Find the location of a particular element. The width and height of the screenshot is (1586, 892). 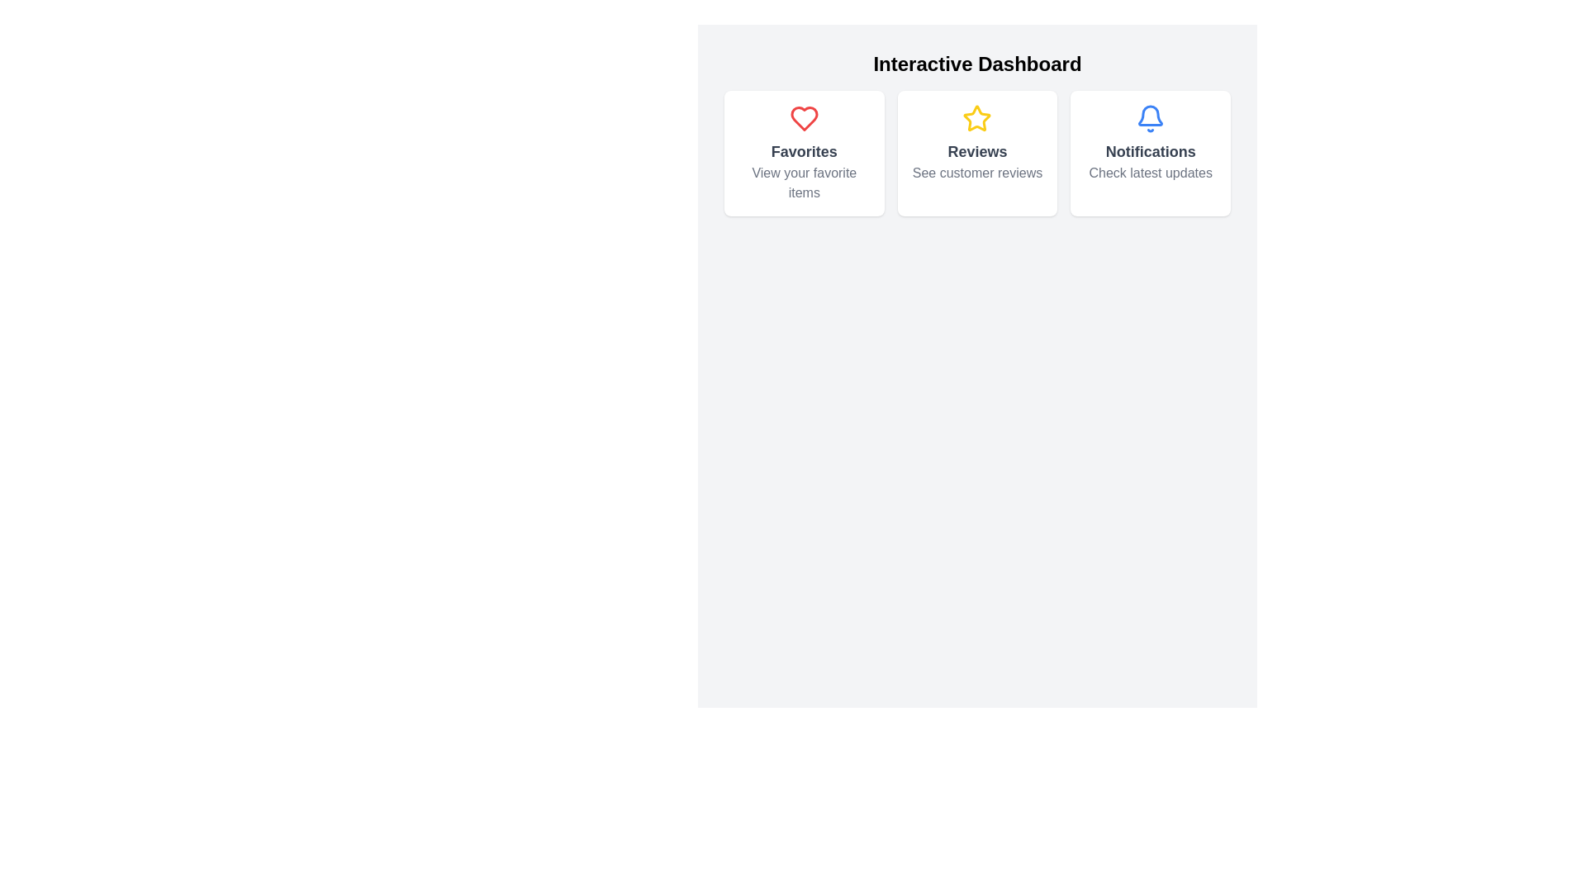

the rating or review icon located in the 'Reviews' panel, directly above the text 'See customer reviews' is located at coordinates (977, 117).